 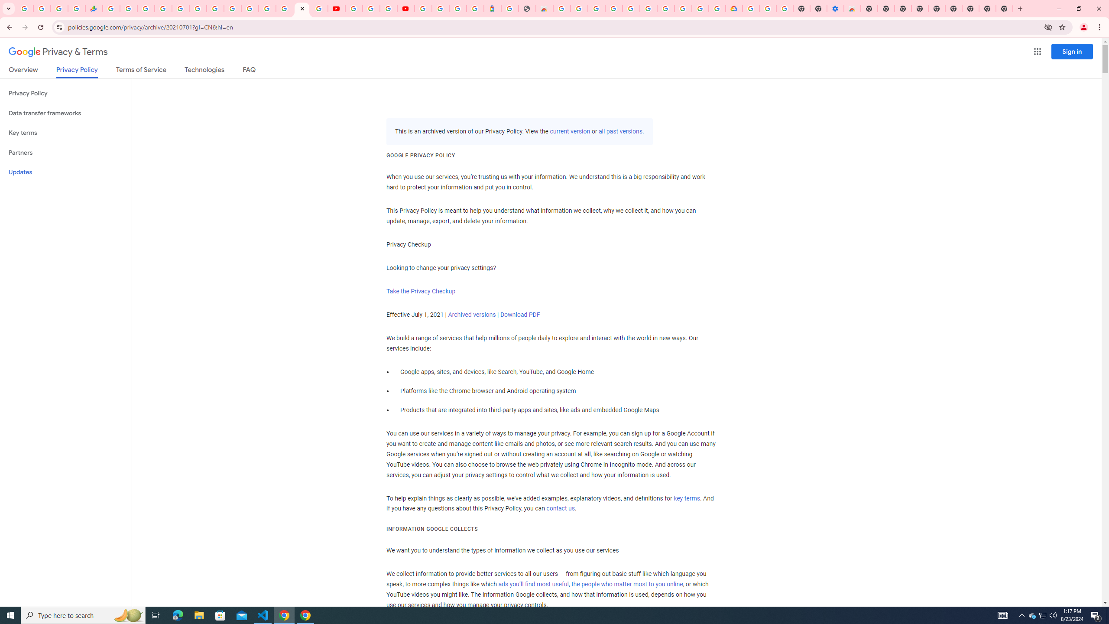 I want to click on 'Download PDF', so click(x=519, y=314).